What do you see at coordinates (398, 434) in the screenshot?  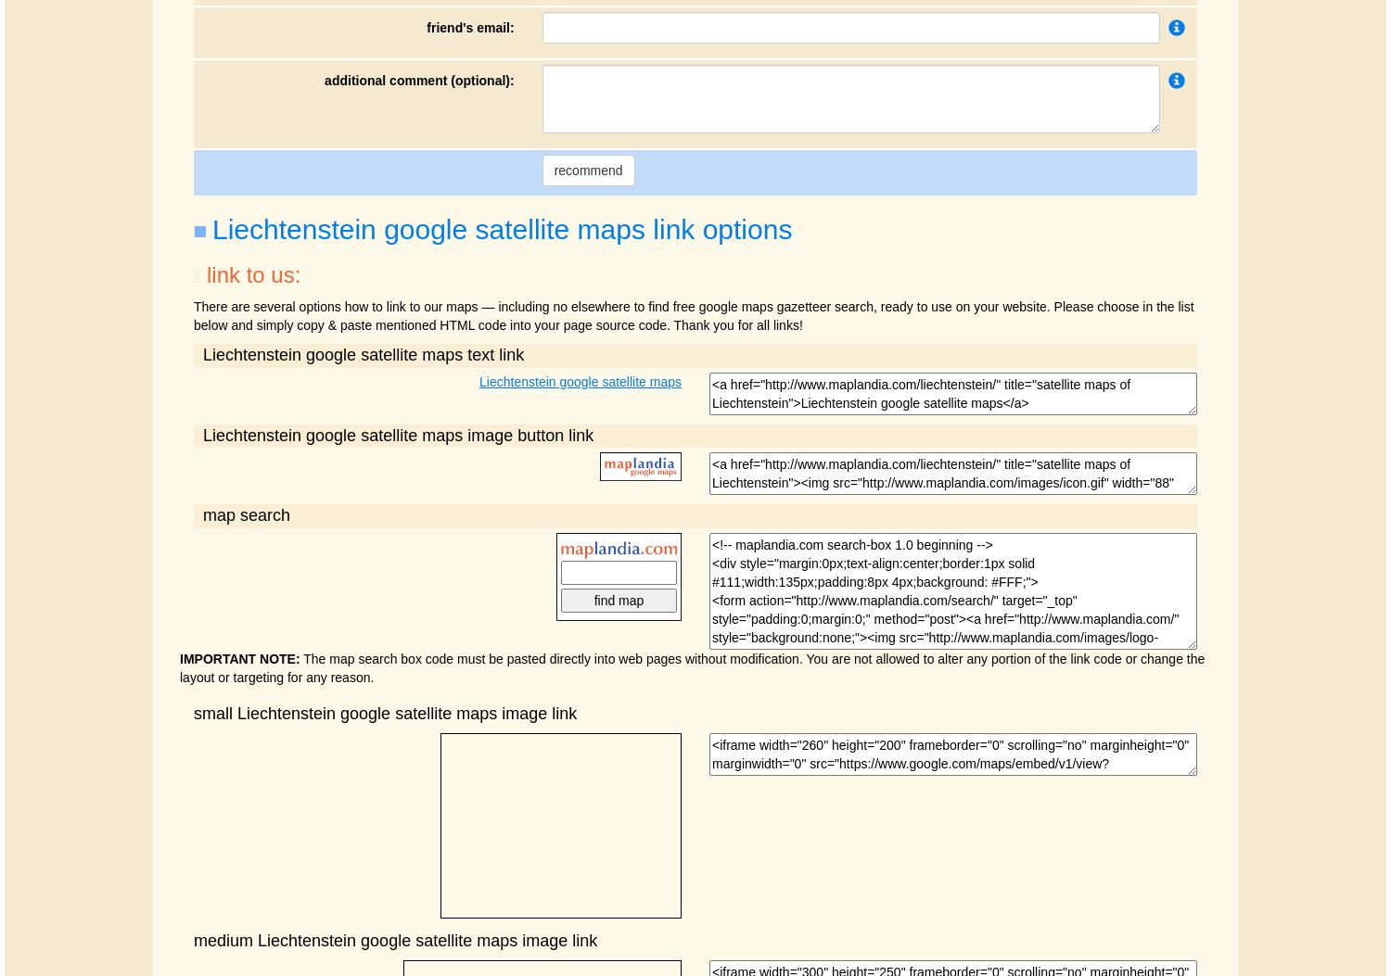 I see `'Liechtenstein google satellite maps image button link'` at bounding box center [398, 434].